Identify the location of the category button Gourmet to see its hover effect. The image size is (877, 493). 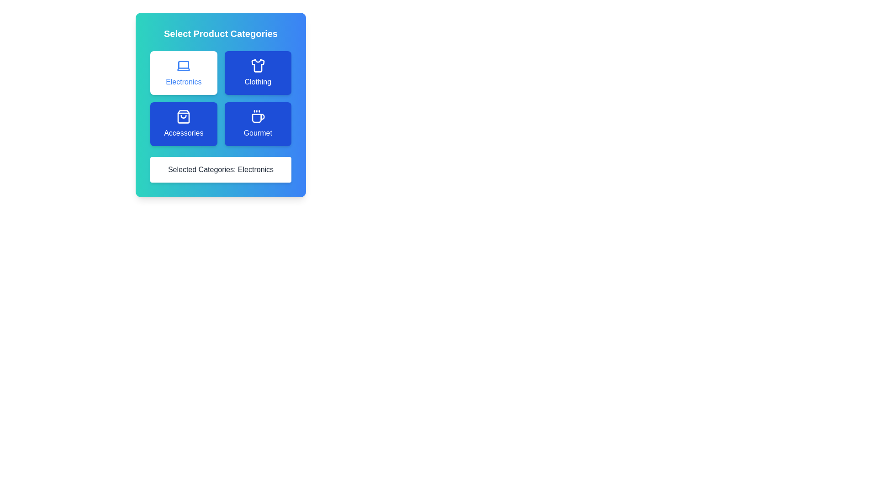
(257, 124).